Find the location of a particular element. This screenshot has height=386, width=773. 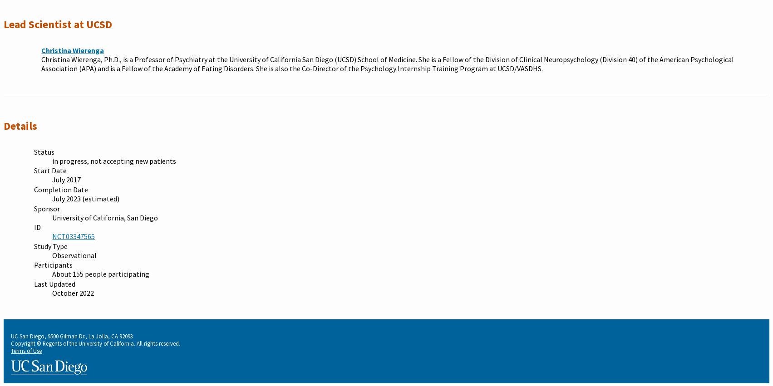

'Observational' is located at coordinates (52, 254).